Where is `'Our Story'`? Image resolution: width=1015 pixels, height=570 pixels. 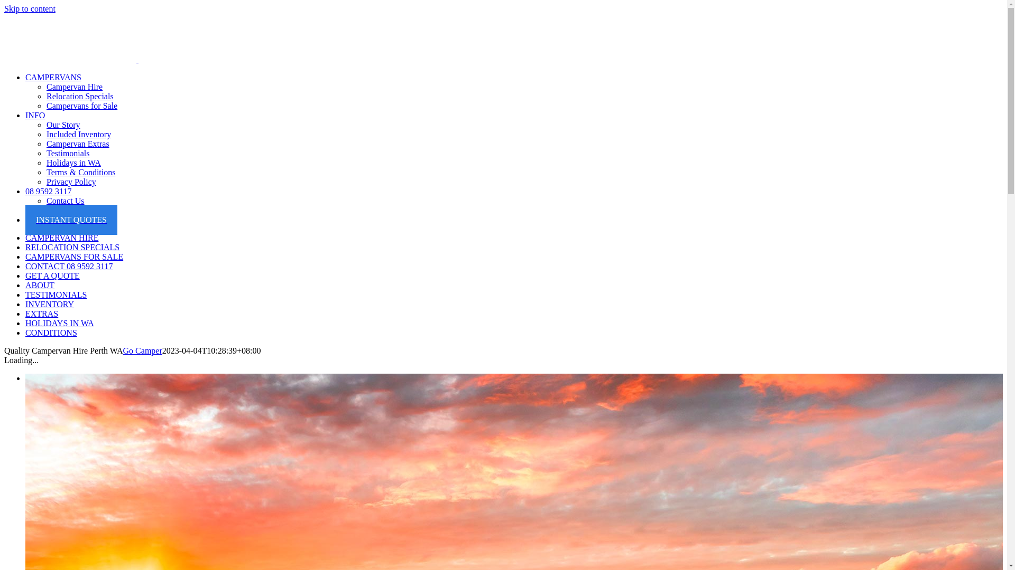 'Our Story' is located at coordinates (63, 124).